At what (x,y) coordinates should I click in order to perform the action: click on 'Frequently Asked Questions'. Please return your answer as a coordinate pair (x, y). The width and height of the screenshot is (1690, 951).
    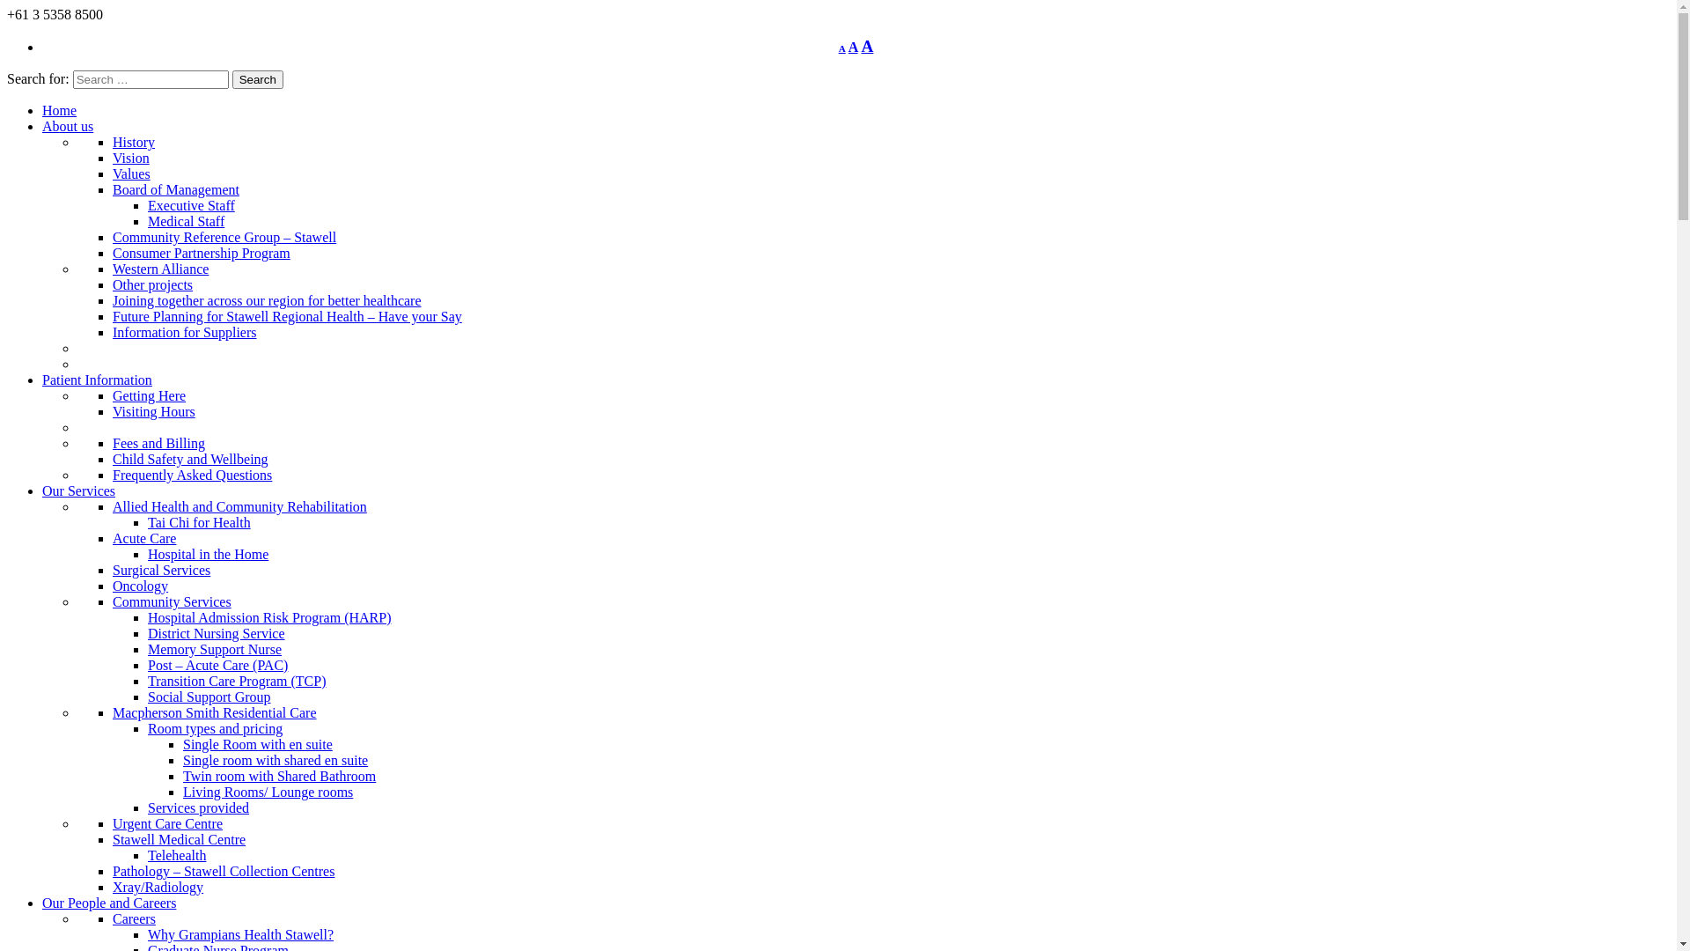
    Looking at the image, I should click on (192, 474).